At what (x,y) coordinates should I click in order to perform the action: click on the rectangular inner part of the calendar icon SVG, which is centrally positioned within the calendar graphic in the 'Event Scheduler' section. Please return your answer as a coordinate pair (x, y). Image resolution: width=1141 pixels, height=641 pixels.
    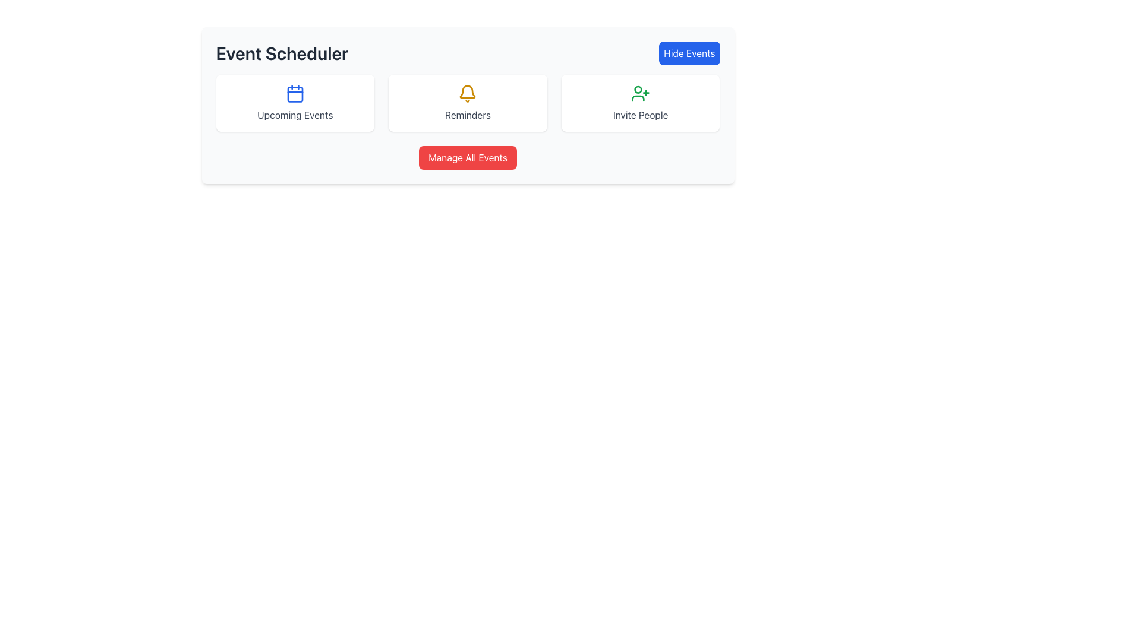
    Looking at the image, I should click on (295, 94).